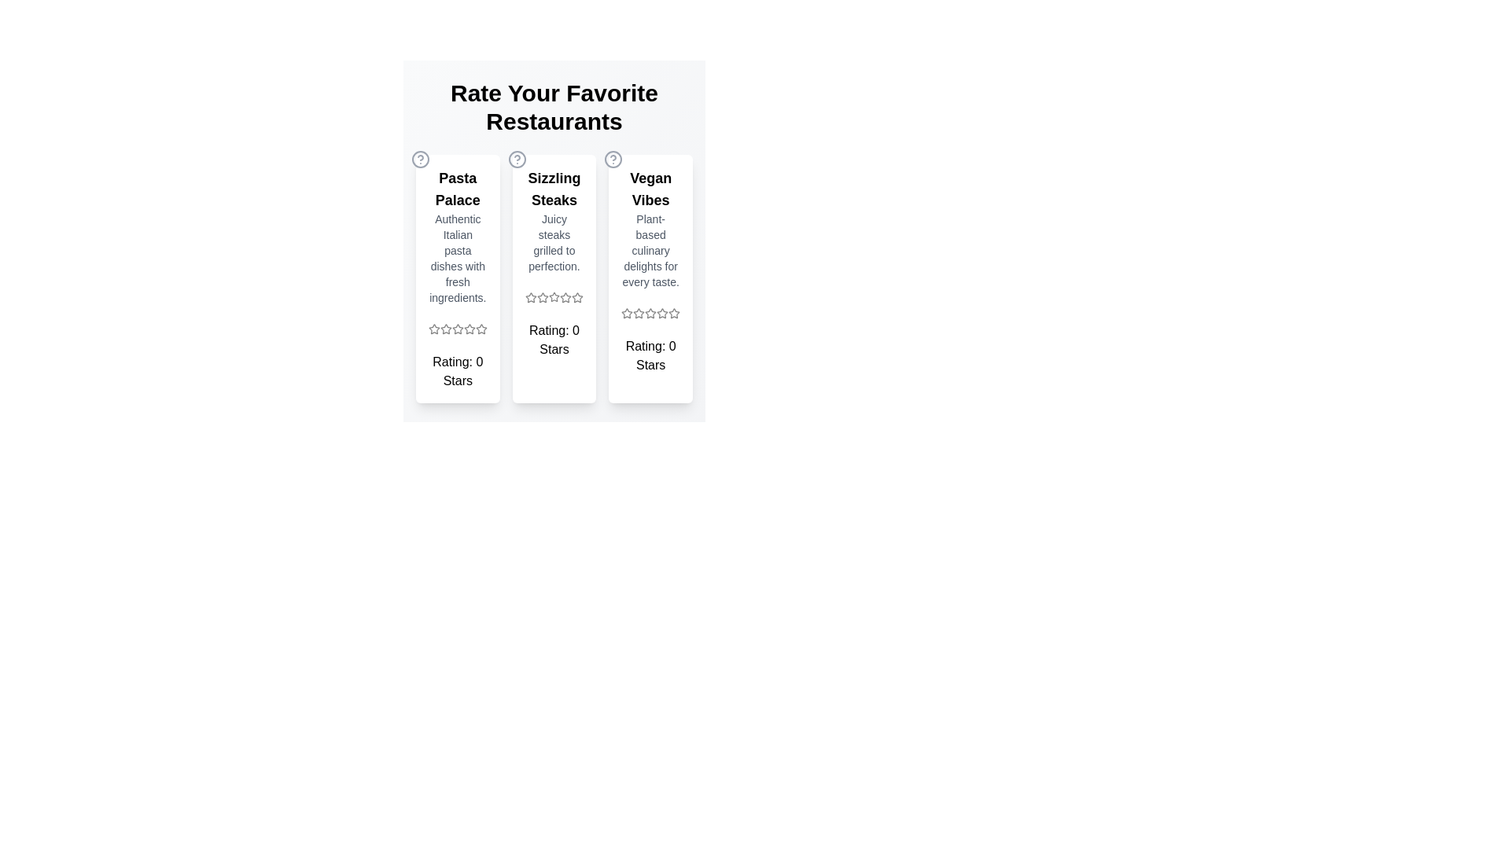  I want to click on the star icon for 1 stars in the Vegan Vibes section, so click(626, 313).